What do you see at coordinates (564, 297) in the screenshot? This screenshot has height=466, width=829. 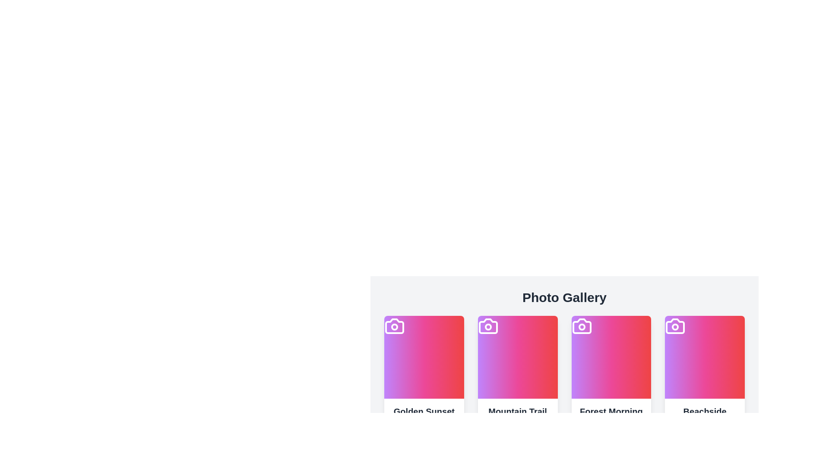 I see `text content of the heading that indicates the purpose of the photo gallery section located at the top of the grid of thumbnails` at bounding box center [564, 297].